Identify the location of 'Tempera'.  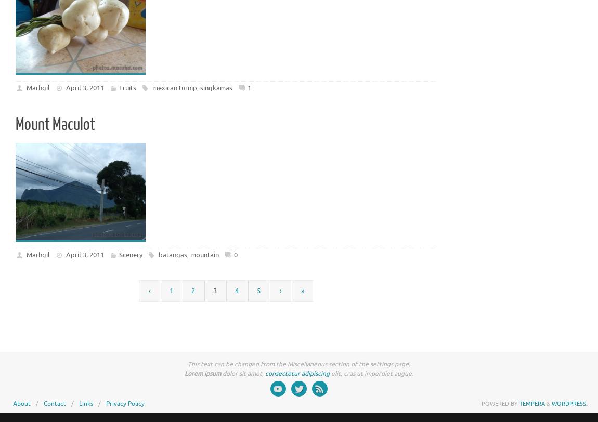
(532, 404).